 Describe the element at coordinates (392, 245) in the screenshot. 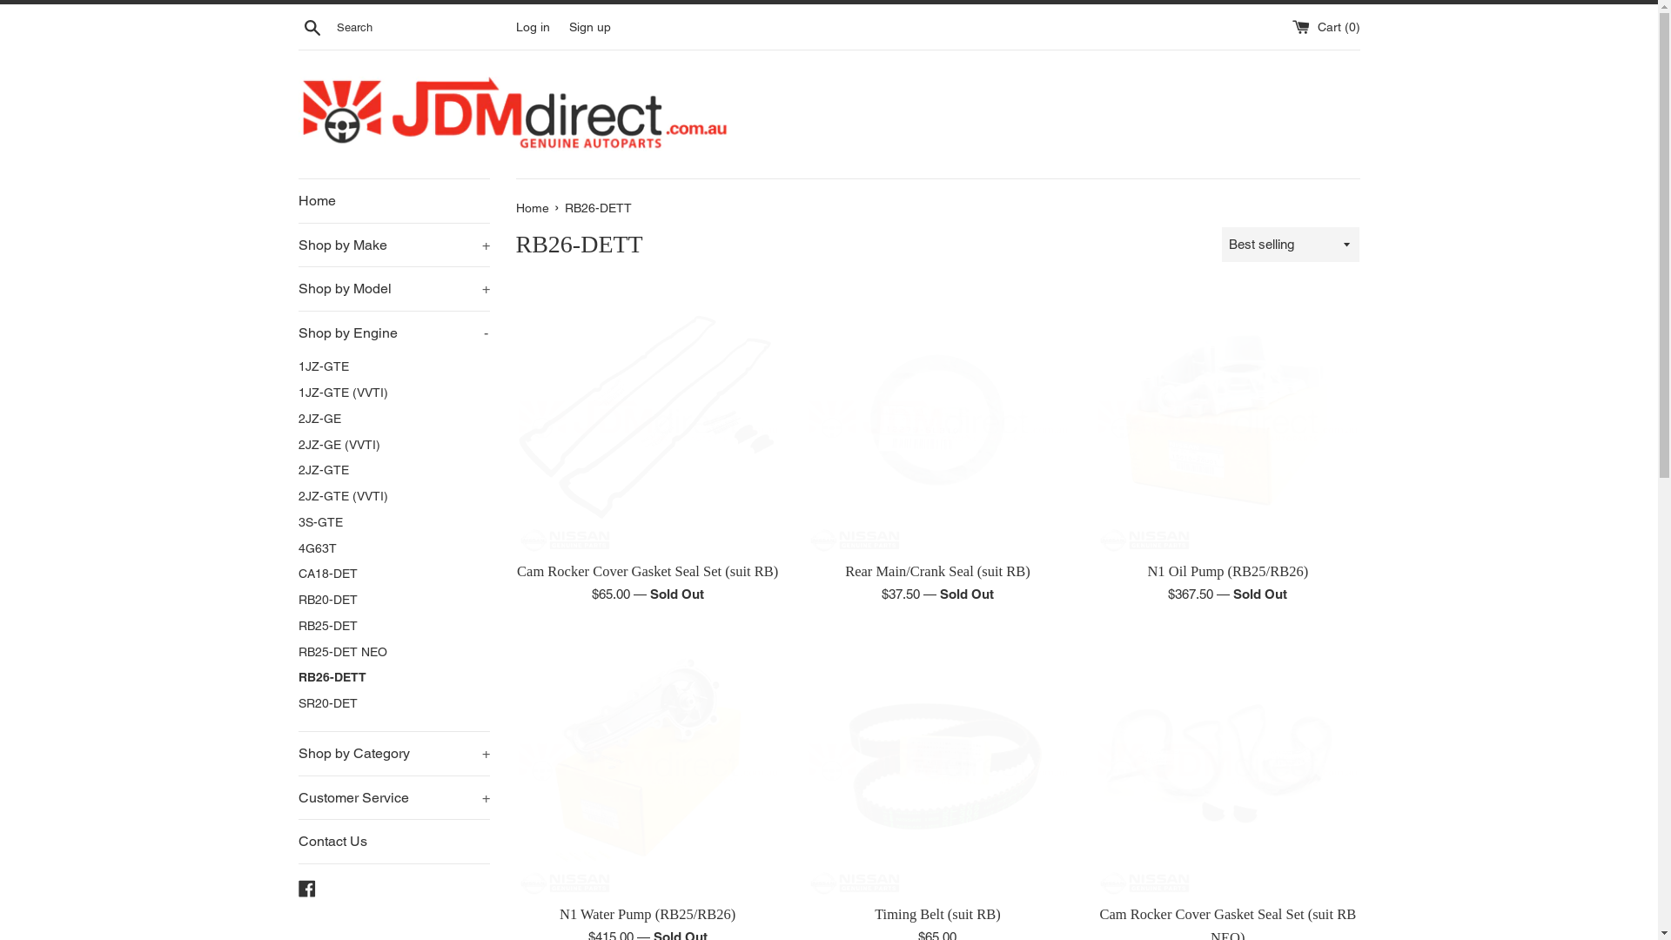

I see `'Shop by Make` at that location.